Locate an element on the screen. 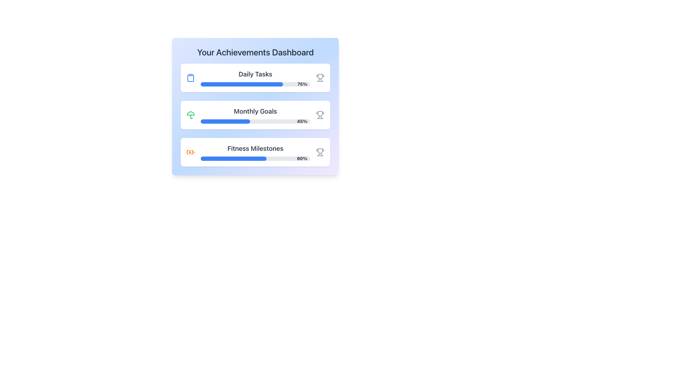  displayed progress of the progress bar labeled 'Fitness Milestones', which shows 60% completion is located at coordinates (255, 152).